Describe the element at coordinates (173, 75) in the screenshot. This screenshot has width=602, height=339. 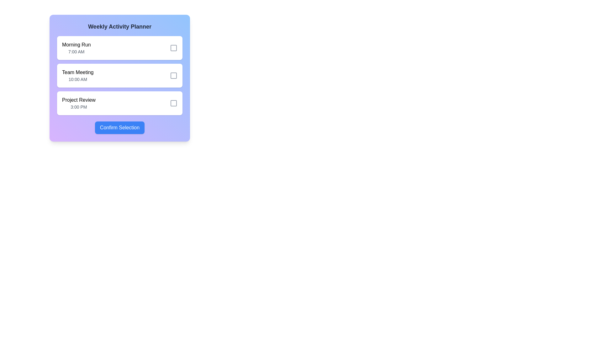
I see `the checkbox located to the right of the 'Team Meeting' and '10:00 AM' text, which is the third element in the meeting entry panel` at that location.